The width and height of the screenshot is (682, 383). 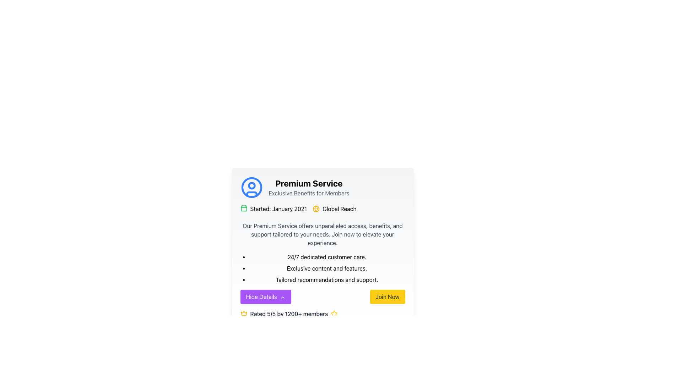 What do you see at coordinates (387, 297) in the screenshot?
I see `the yellow 'Join Now' button with rounded corners located at the bottom-right corner of the 'Premium Service' section` at bounding box center [387, 297].